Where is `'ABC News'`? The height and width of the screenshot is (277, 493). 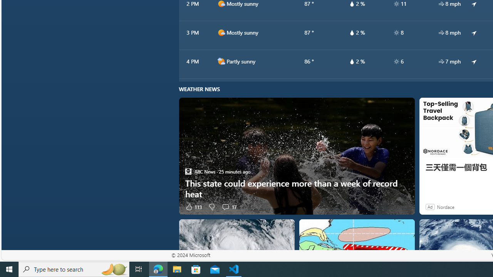
'ABC News' is located at coordinates (188, 171).